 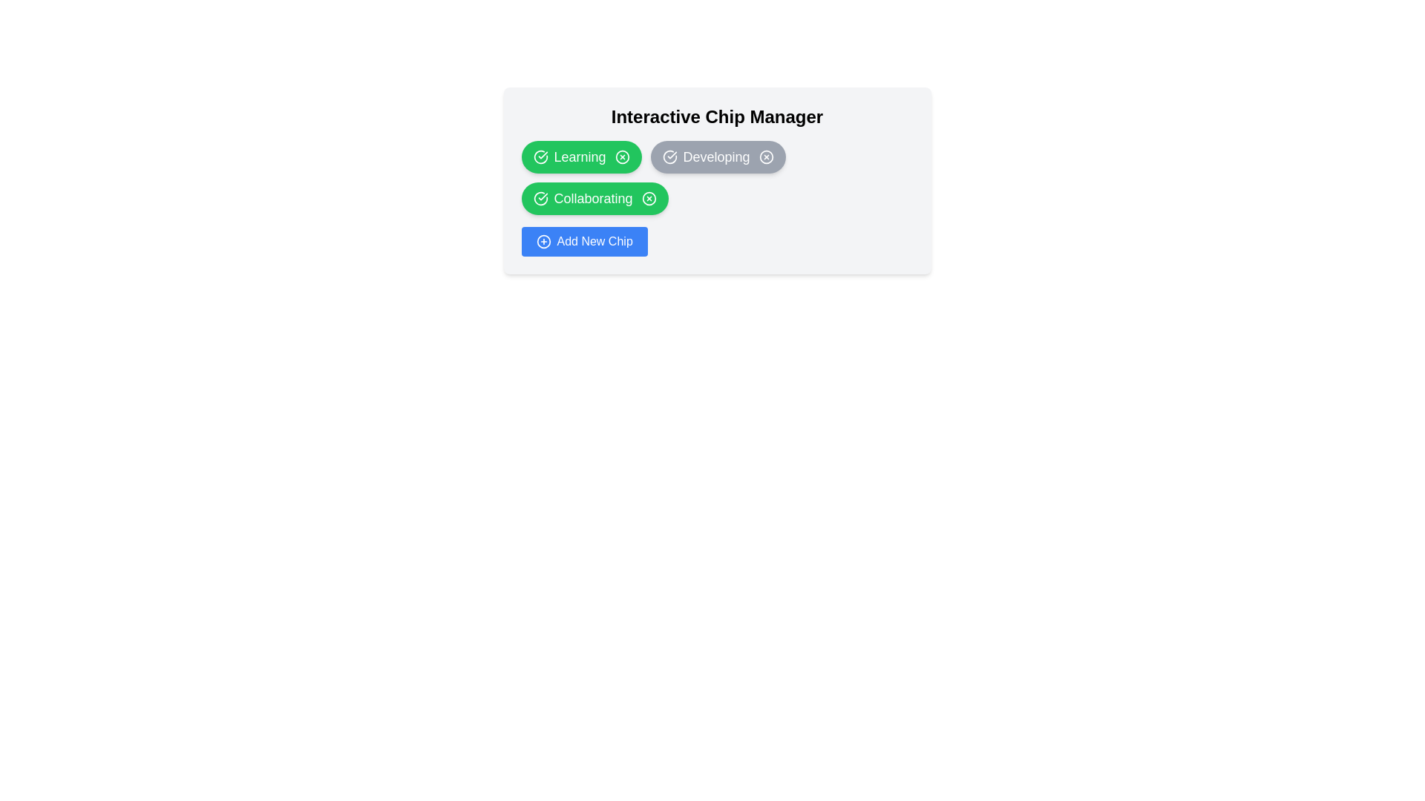 I want to click on the SVG Circle element located within the 'Collaborating' green chip, positioned to the right of the chip text and adjacent to an 'x' icon, so click(x=649, y=197).